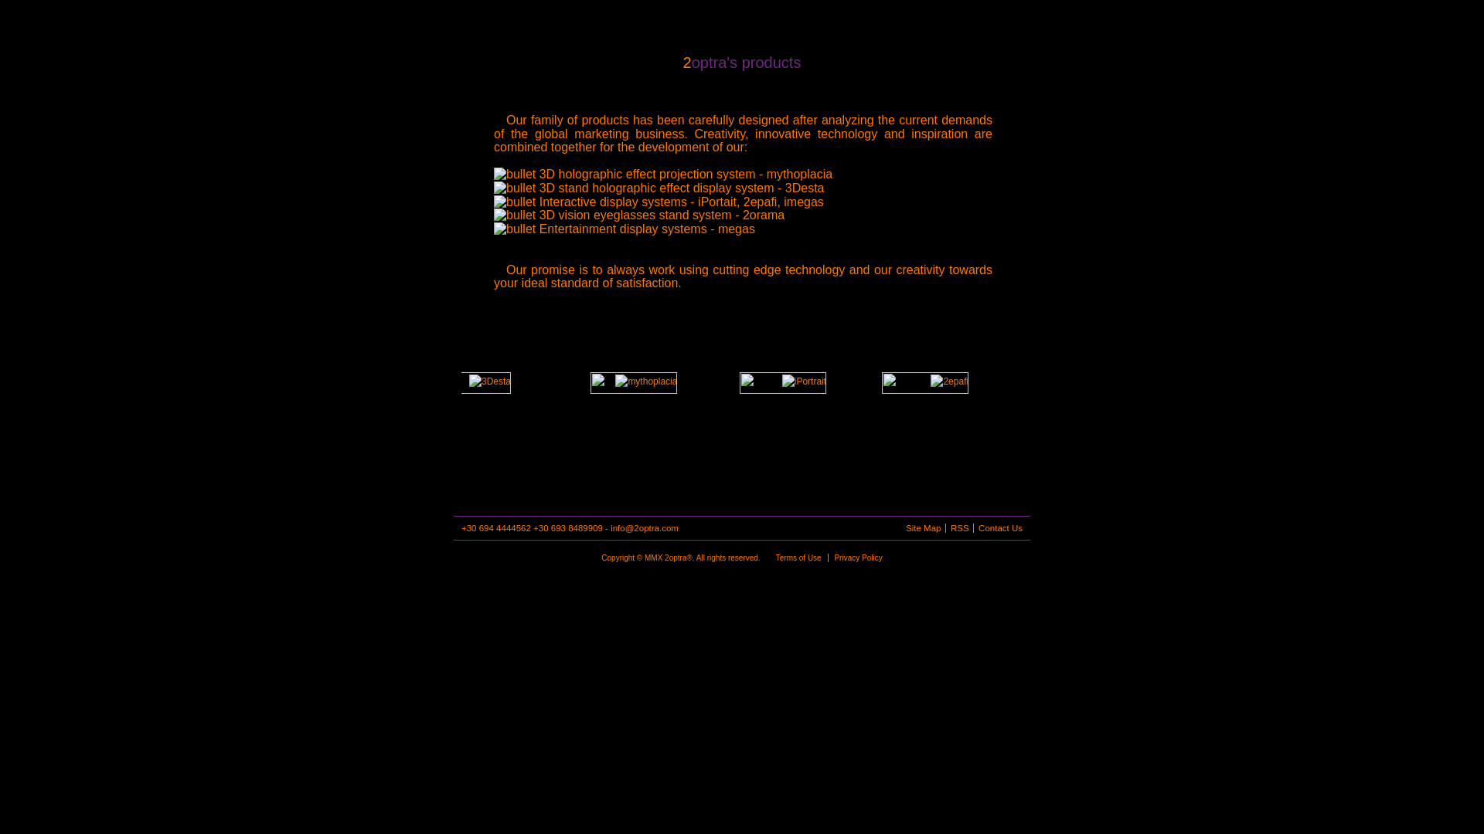 Image resolution: width=1484 pixels, height=834 pixels. Describe the element at coordinates (610, 527) in the screenshot. I see `'info@2optra.com'` at that location.